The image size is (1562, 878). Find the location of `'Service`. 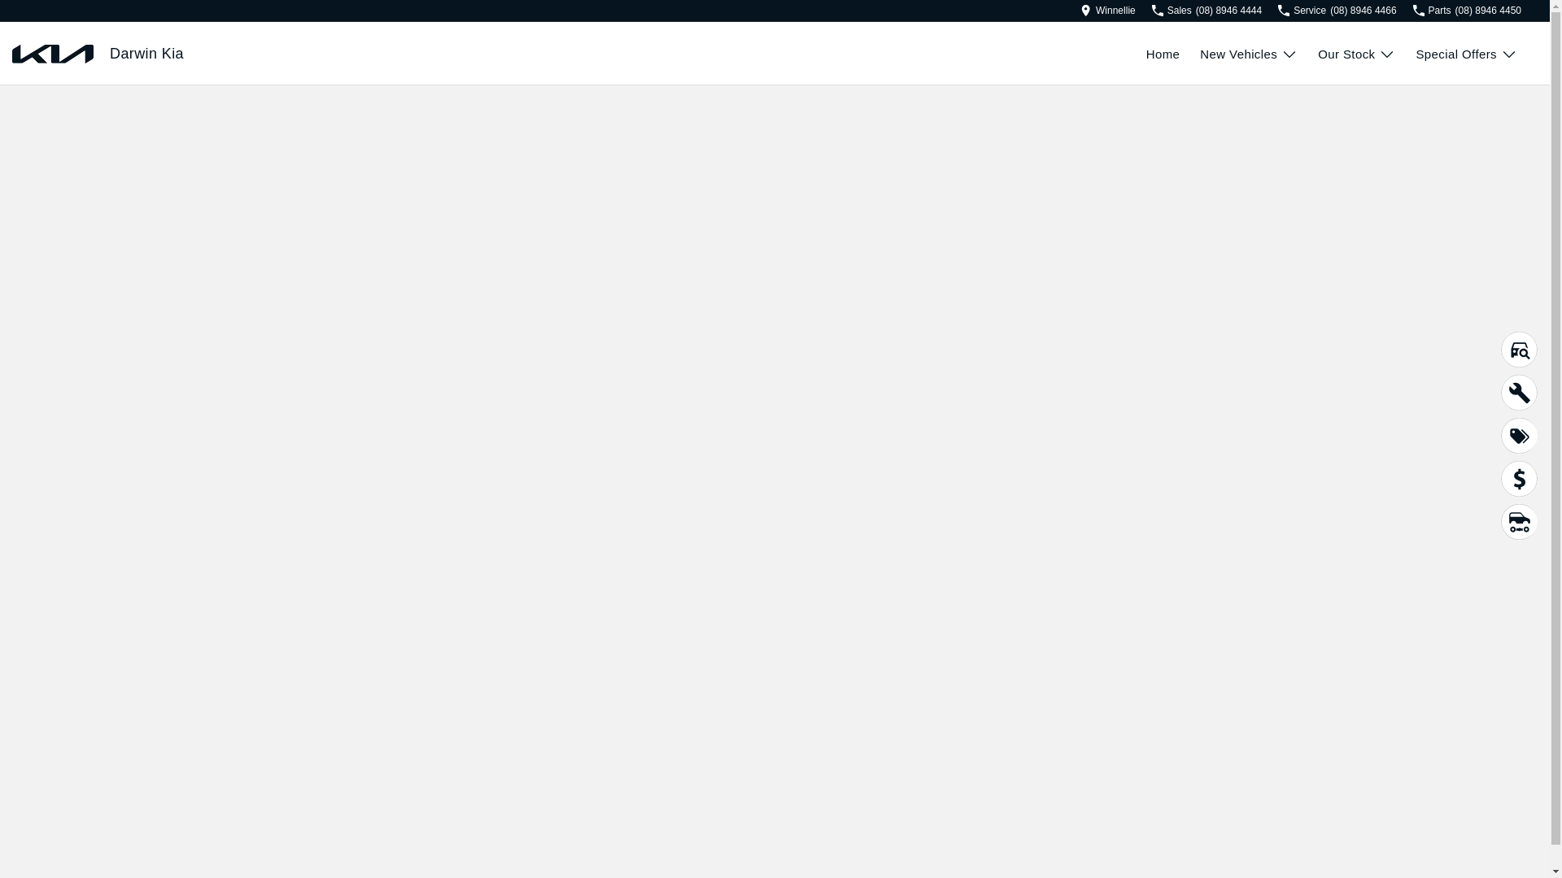

'Service is located at coordinates (1337, 10).